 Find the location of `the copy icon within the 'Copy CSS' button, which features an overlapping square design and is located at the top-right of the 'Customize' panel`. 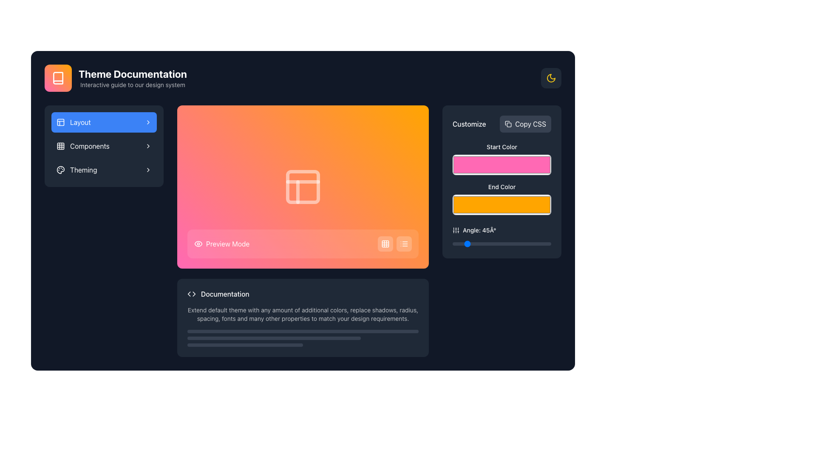

the copy icon within the 'Copy CSS' button, which features an overlapping square design and is located at the top-right of the 'Customize' panel is located at coordinates (508, 124).